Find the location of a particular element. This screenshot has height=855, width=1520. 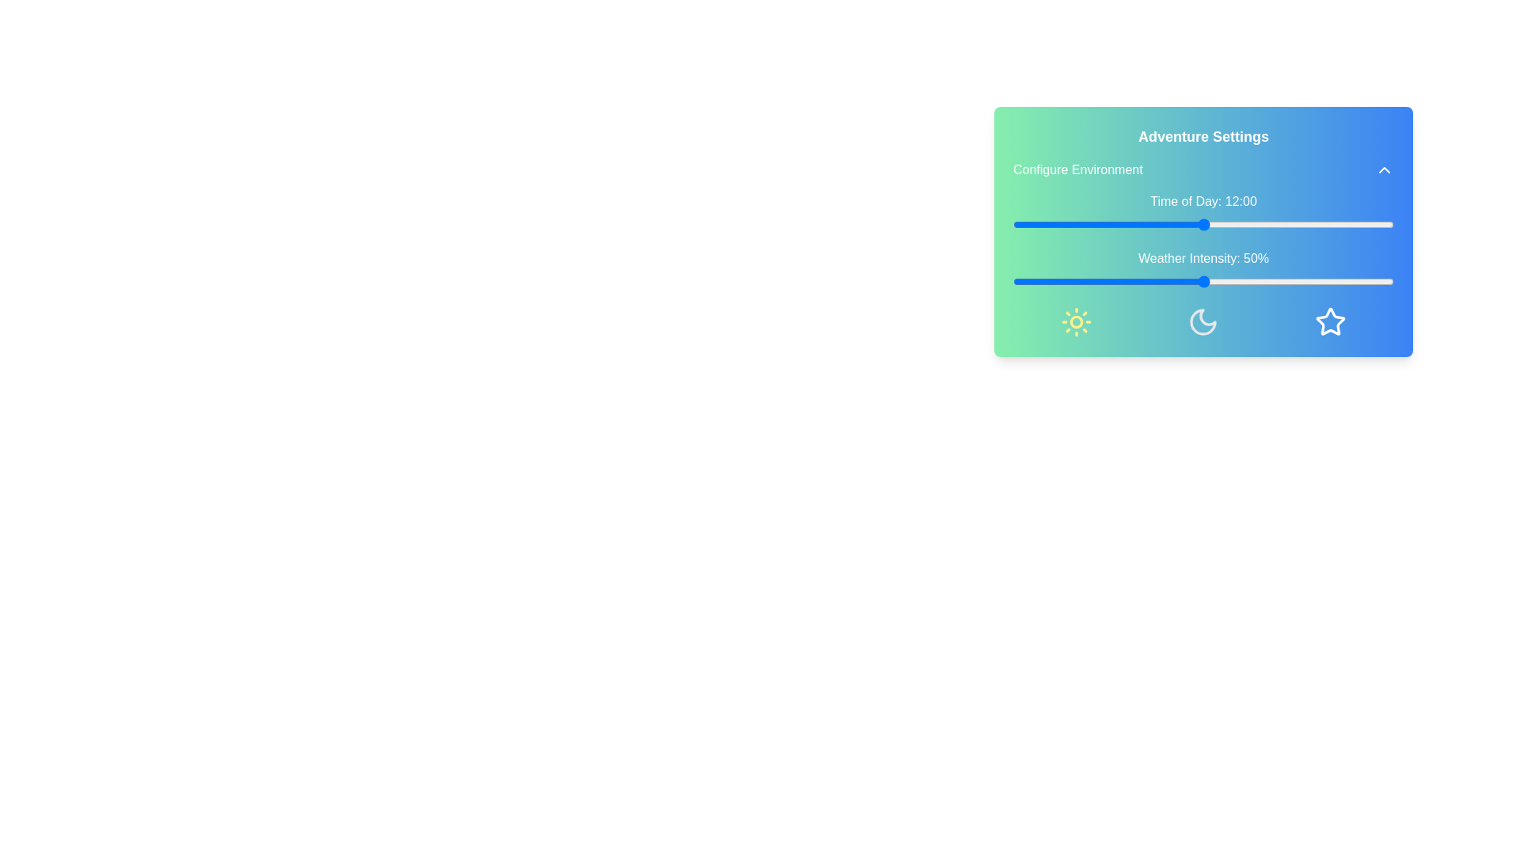

the 'Weather Intensity' slider to 98% is located at coordinates (1385, 280).